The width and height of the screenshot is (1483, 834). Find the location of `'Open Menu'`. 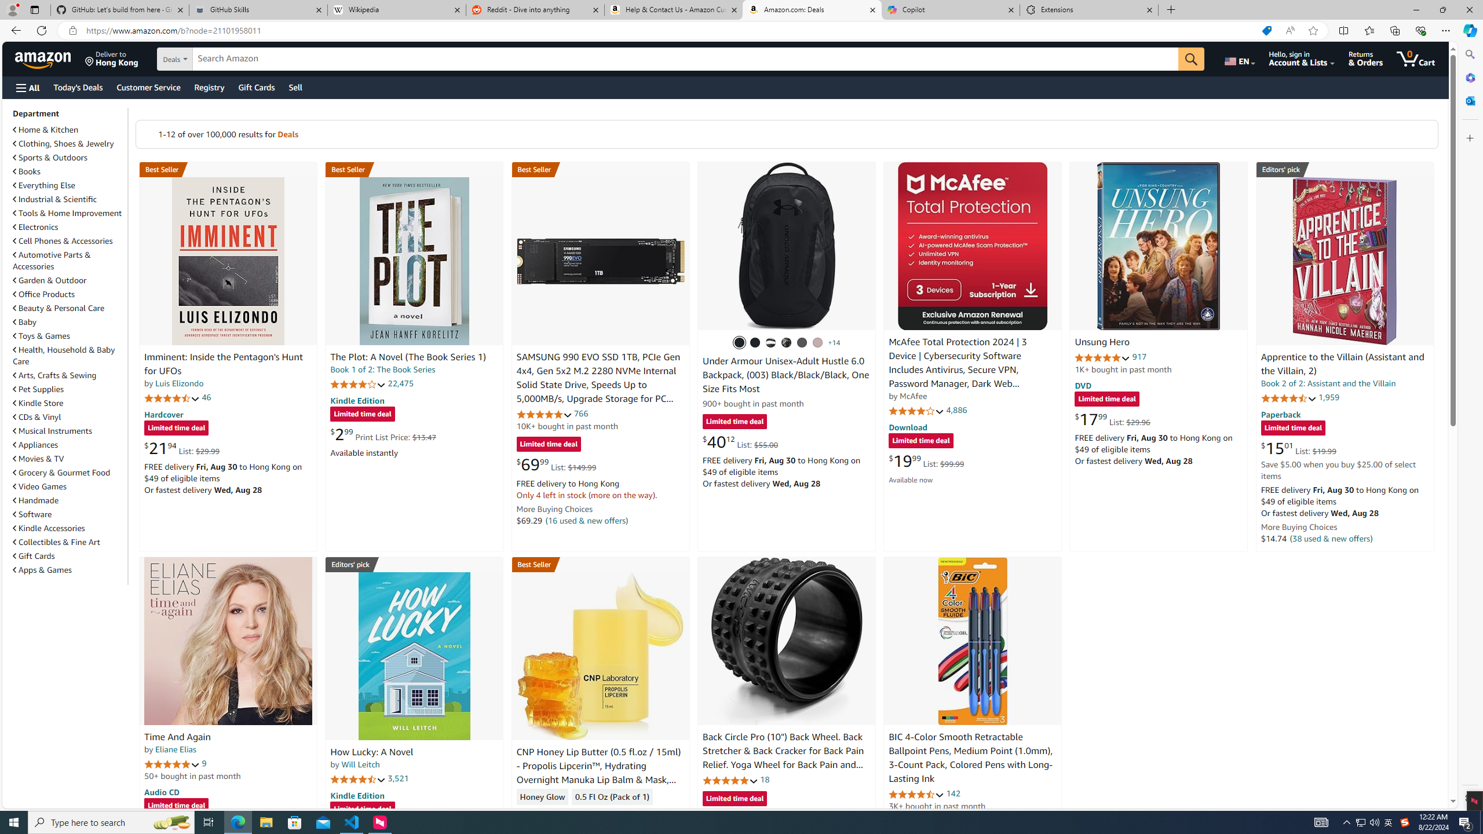

'Open Menu' is located at coordinates (27, 87).